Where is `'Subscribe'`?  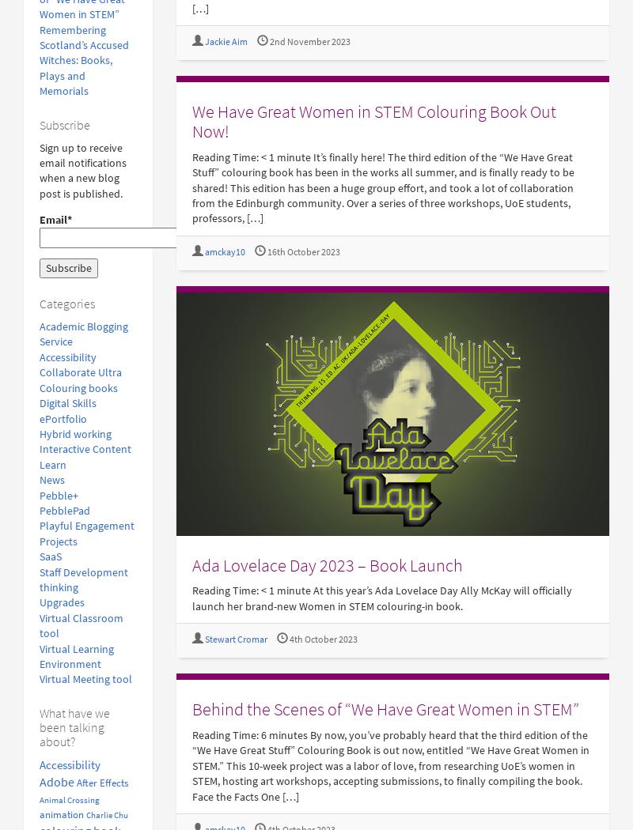
'Subscribe' is located at coordinates (65, 123).